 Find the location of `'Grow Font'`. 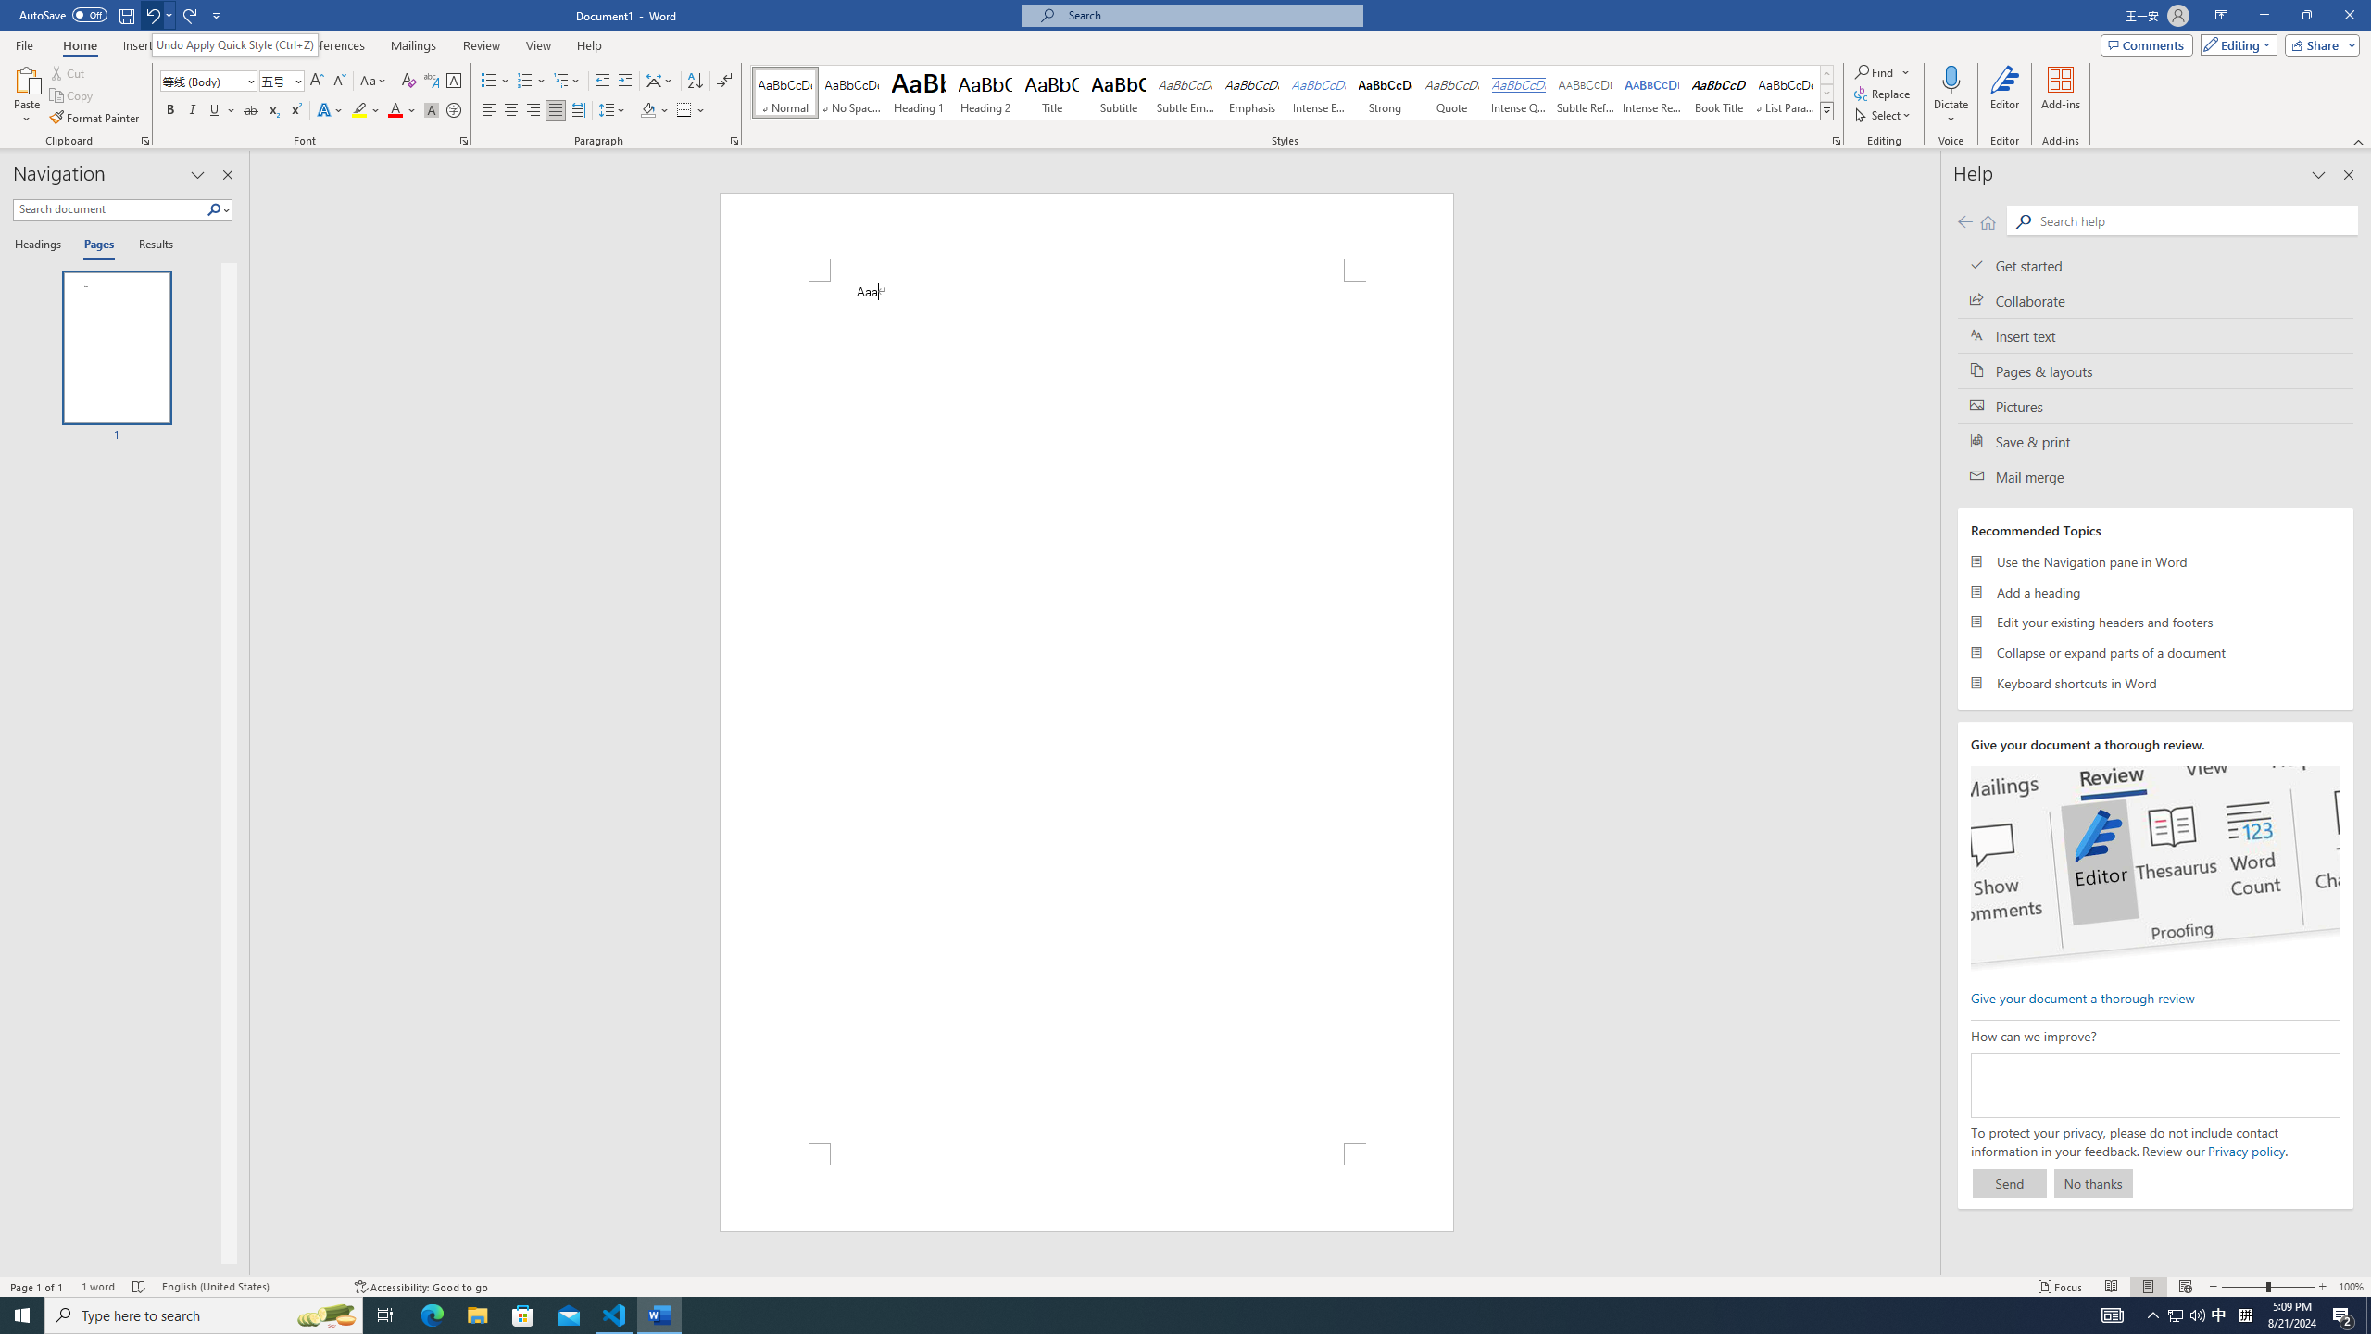

'Grow Font' is located at coordinates (316, 81).